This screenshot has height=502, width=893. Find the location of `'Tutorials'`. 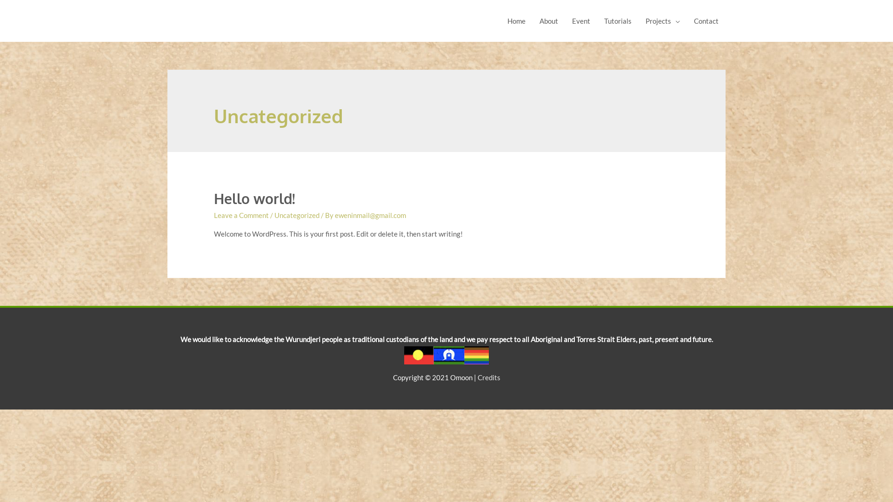

'Tutorials' is located at coordinates (618, 21).